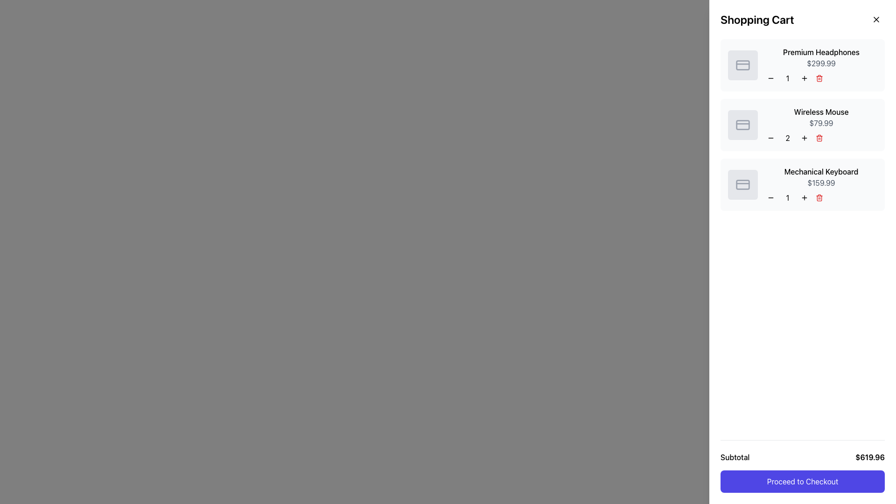  I want to click on the 'Premium Headphones' icon located within the rounded rectangular button, so click(742, 64).